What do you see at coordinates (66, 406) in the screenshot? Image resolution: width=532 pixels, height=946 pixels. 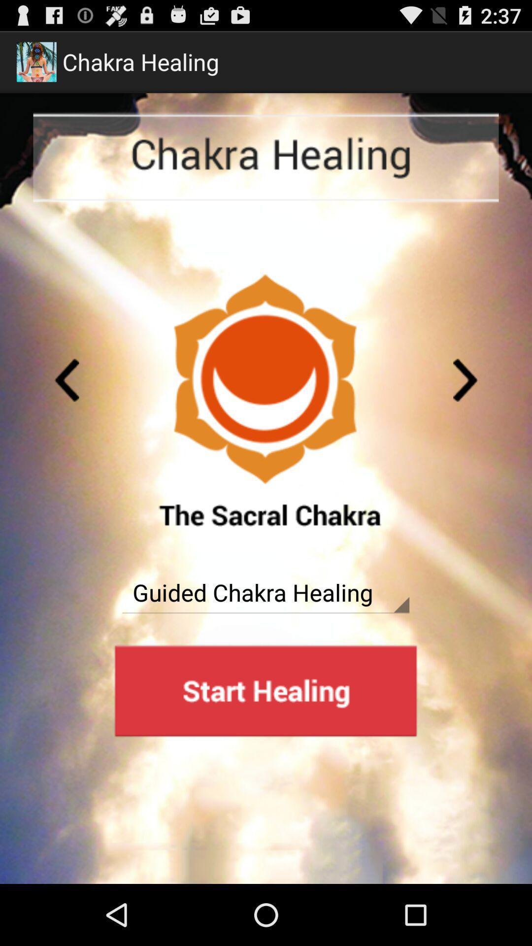 I see `the arrow_backward icon` at bounding box center [66, 406].